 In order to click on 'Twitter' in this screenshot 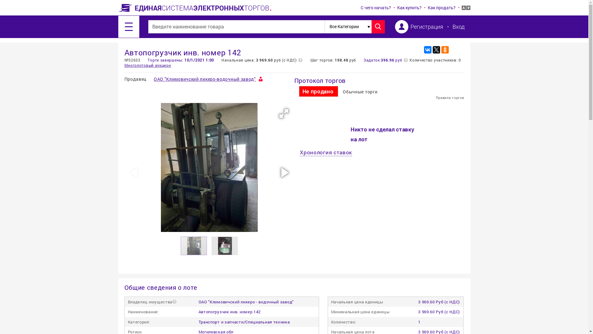, I will do `click(435, 49)`.